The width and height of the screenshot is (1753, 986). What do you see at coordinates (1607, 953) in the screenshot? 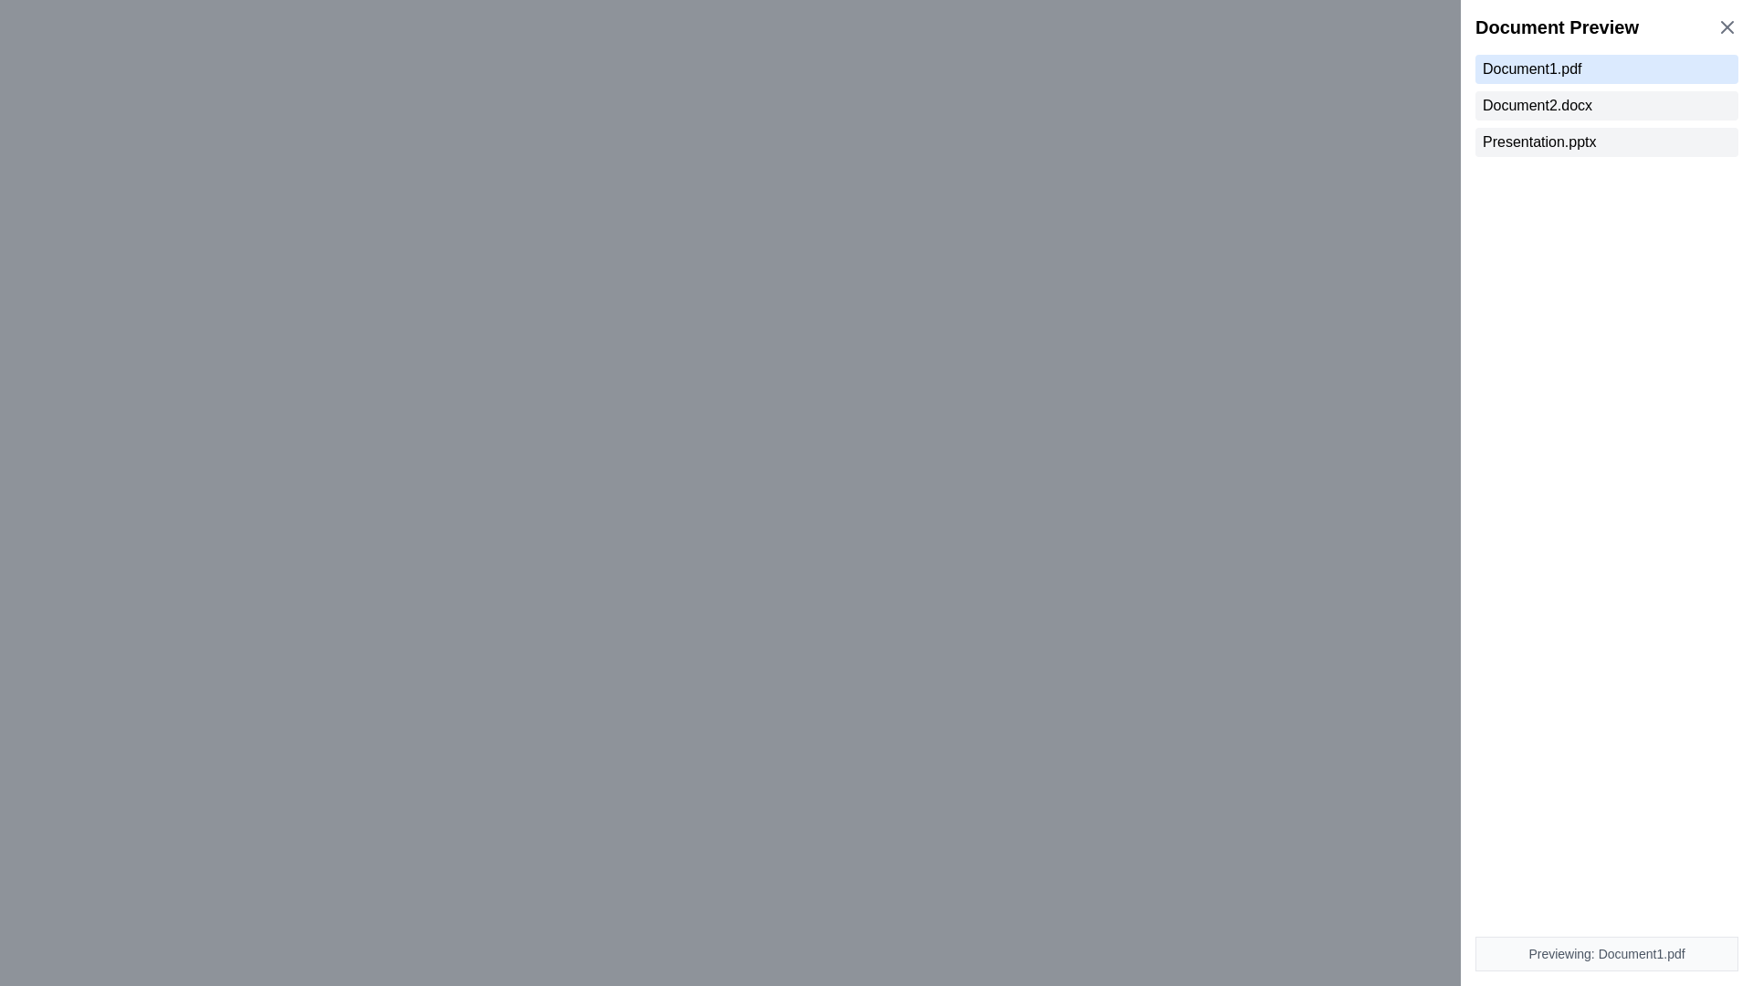
I see `text from the plain text label displaying 'Previewing: Document1.pdf' in gray color located at the bottom-right corner of the interface` at bounding box center [1607, 953].